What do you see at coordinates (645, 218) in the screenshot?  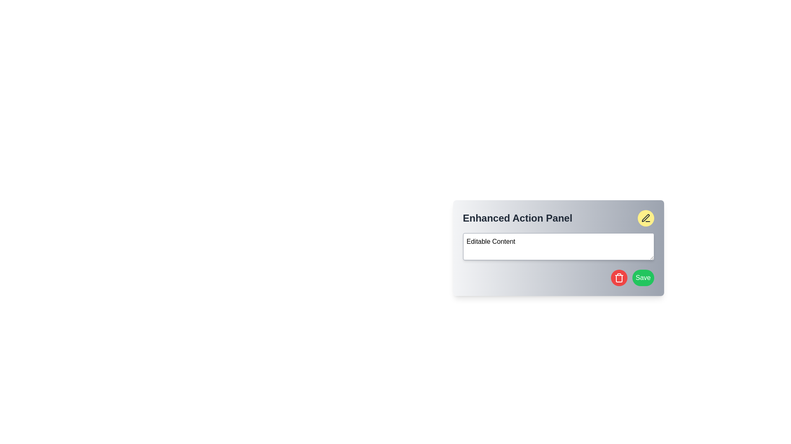 I see `the edit button located at the top-right corner of the 'Enhanced Action Panel'` at bounding box center [645, 218].